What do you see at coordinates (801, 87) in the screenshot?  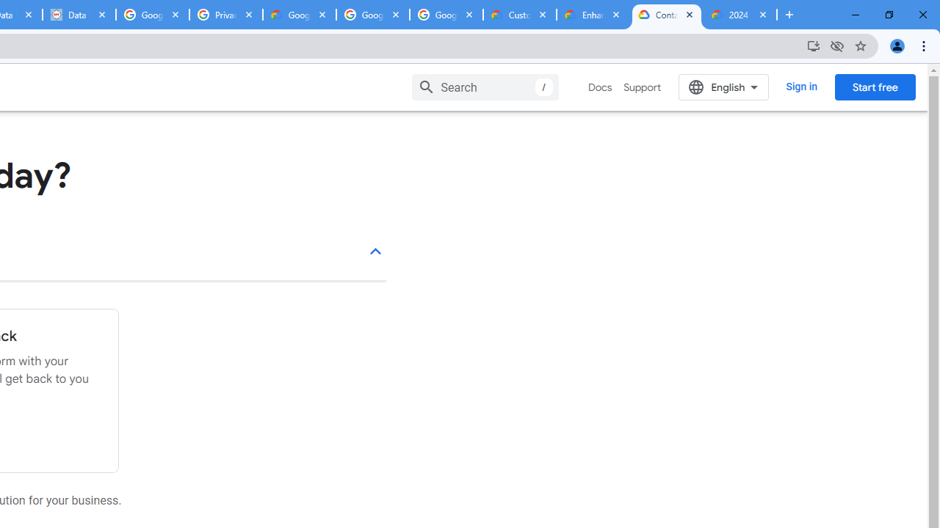 I see `'Sign in'` at bounding box center [801, 87].